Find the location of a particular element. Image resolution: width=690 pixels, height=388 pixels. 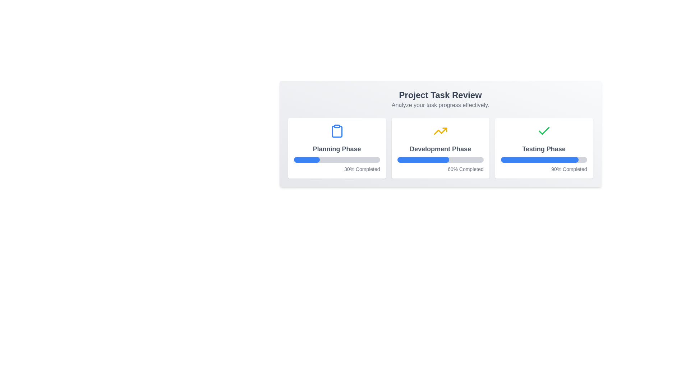

the green checkmark icon that indicates the completion of the 'Testing Phase' task, located in the top center of the third card in a horizontally-aligned layout is located at coordinates (544, 131).